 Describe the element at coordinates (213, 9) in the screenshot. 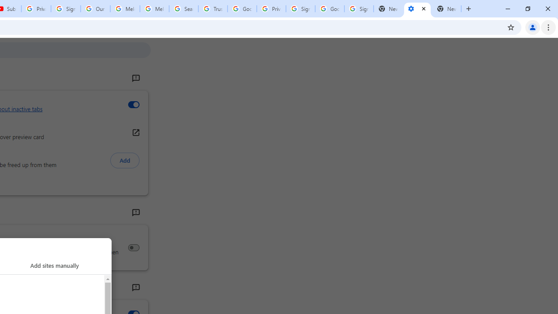

I see `'Trusted Information and Content - Google Safety Center'` at that location.